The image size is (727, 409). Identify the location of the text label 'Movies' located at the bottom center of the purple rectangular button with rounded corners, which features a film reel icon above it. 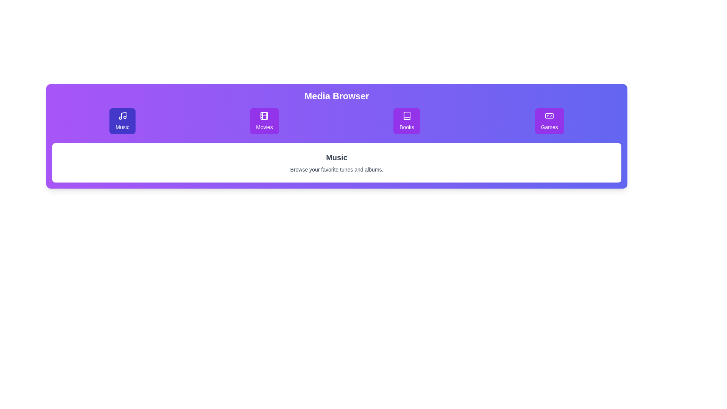
(264, 126).